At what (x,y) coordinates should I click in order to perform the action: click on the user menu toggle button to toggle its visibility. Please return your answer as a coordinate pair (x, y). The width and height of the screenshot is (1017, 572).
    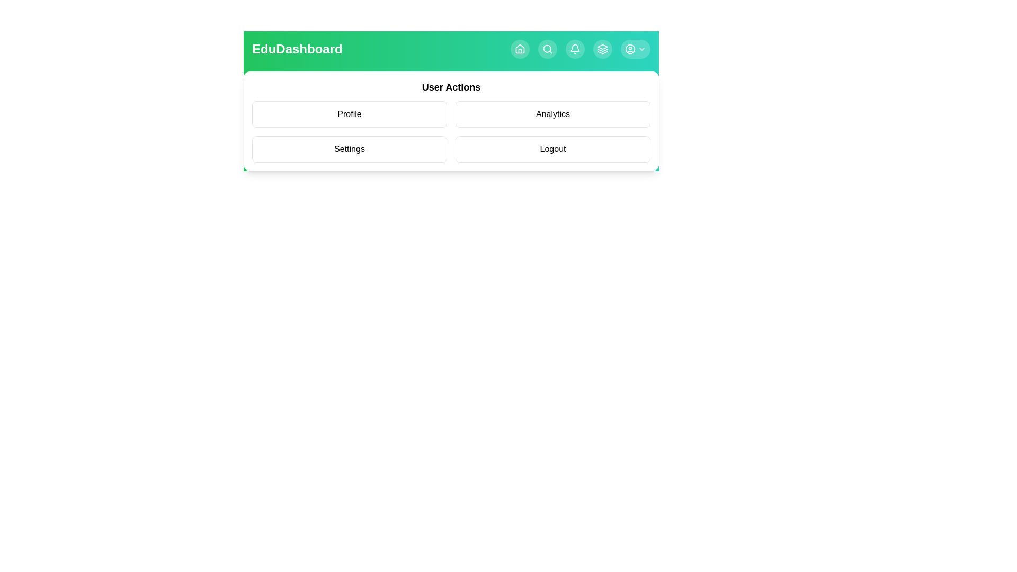
    Looking at the image, I should click on (636, 49).